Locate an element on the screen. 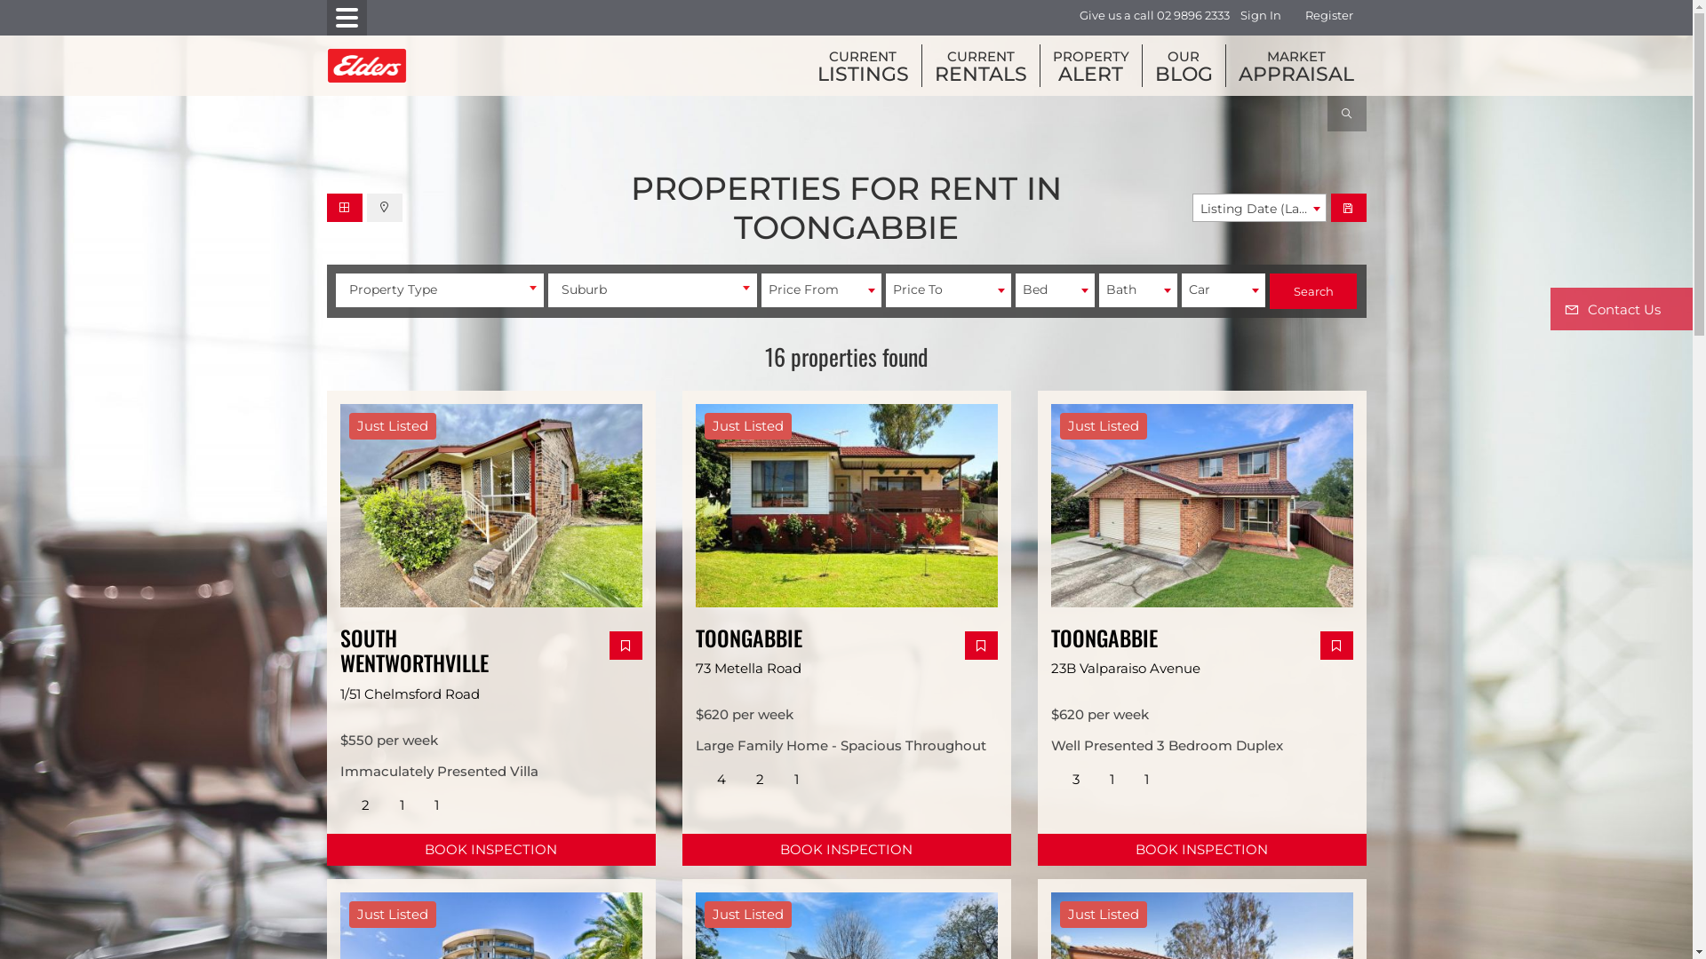 The image size is (1706, 959). 'Well Presented 3 Bedroom Duplex' is located at coordinates (1166, 745).